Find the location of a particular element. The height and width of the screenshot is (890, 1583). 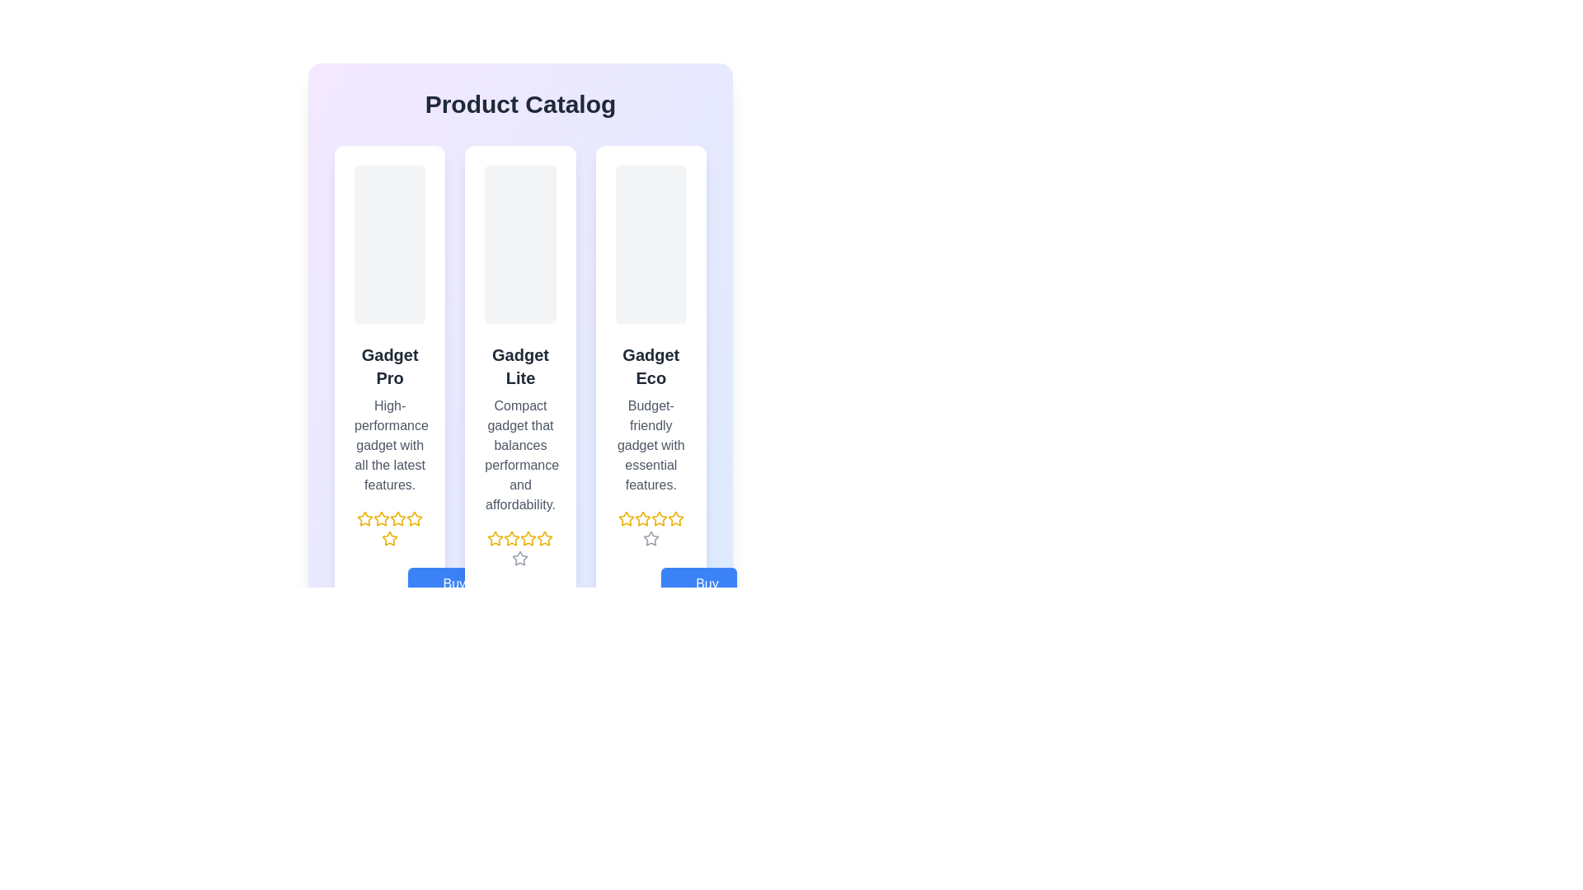

the fifth yellow outlined star icon in the third column labeled 'Gadget Eco' to rate the product is located at coordinates (675, 518).